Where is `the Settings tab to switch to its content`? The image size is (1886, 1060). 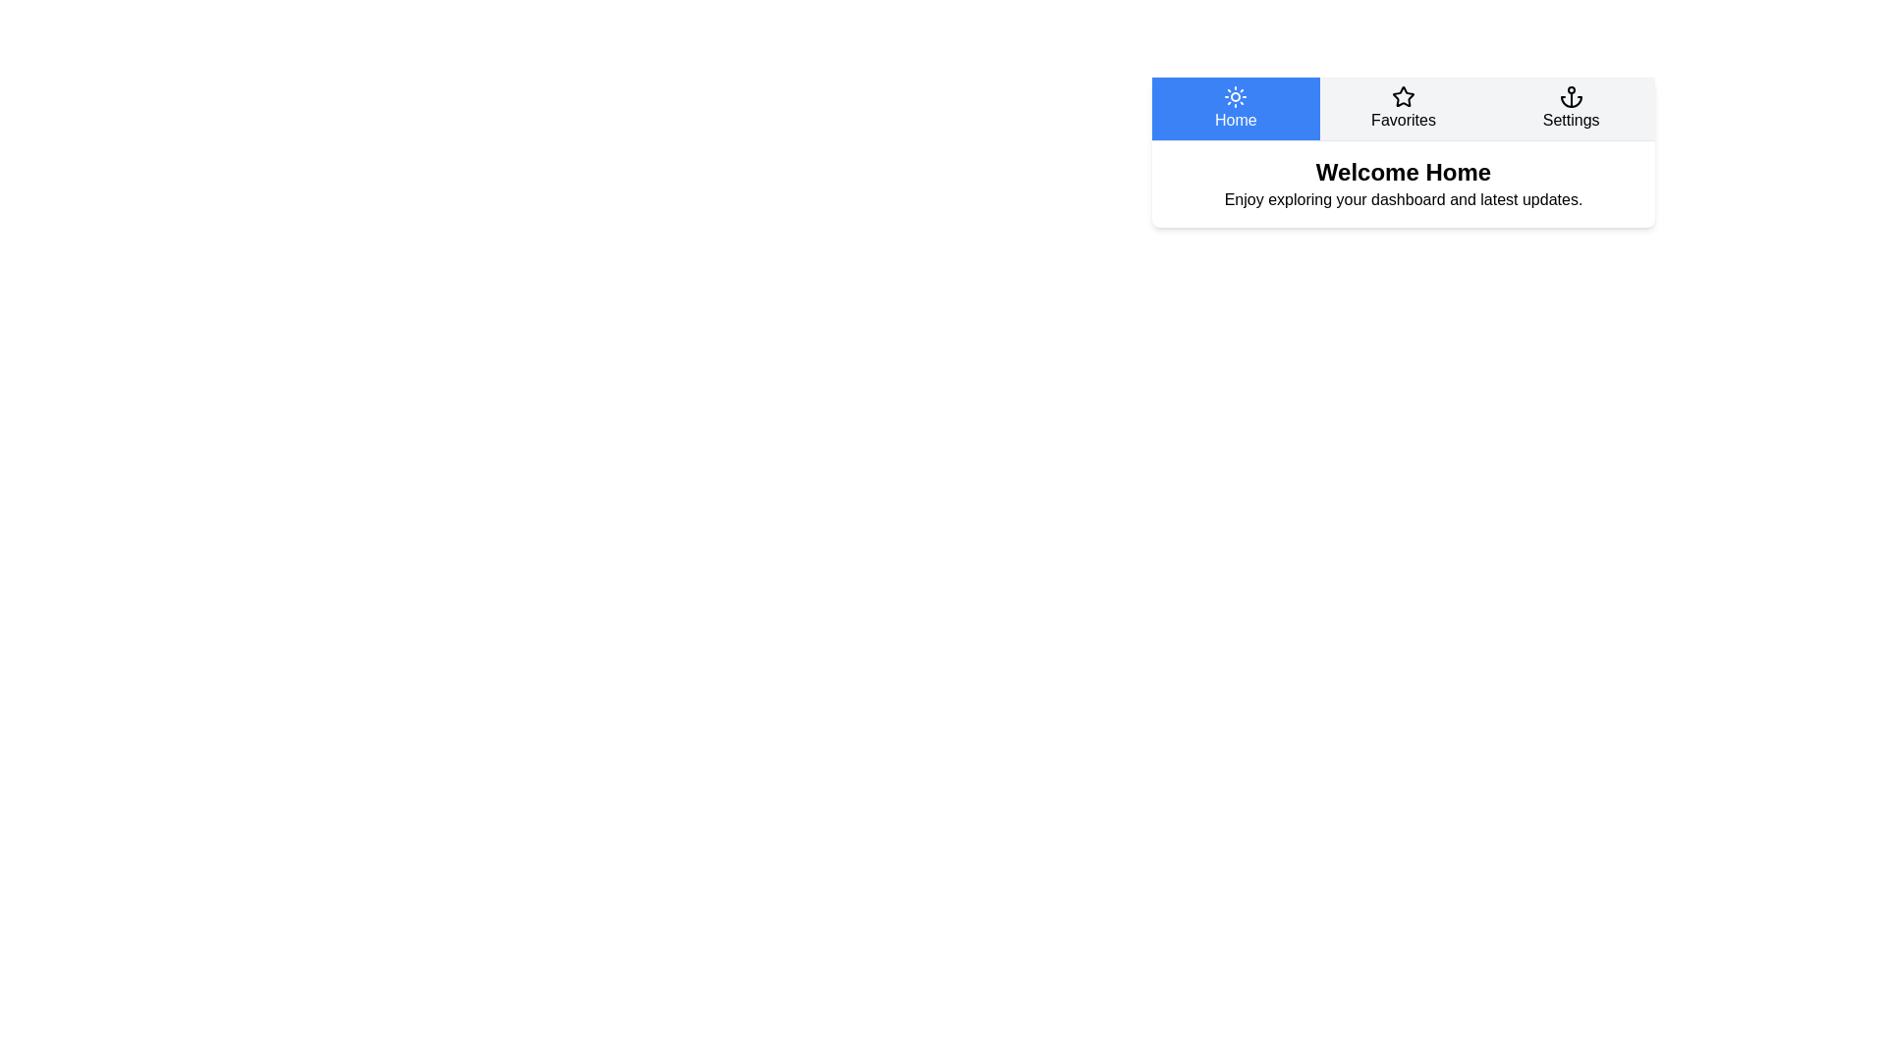
the Settings tab to switch to its content is located at coordinates (1570, 109).